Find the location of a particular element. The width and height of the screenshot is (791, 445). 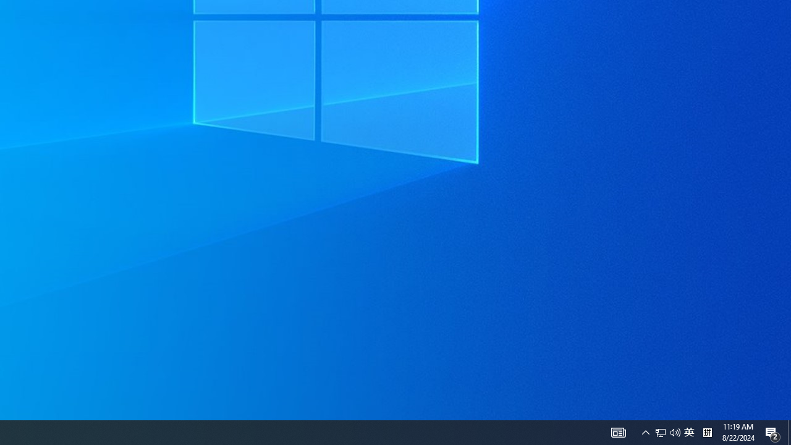

'Notification Chevron' is located at coordinates (645, 431).